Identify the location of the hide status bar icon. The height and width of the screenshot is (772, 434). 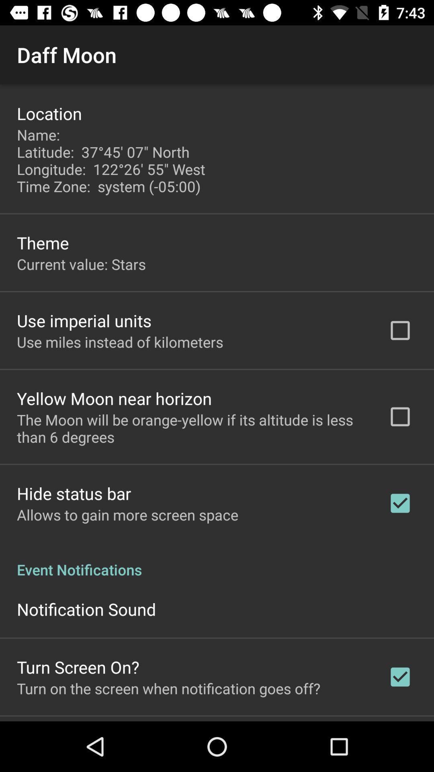
(74, 493).